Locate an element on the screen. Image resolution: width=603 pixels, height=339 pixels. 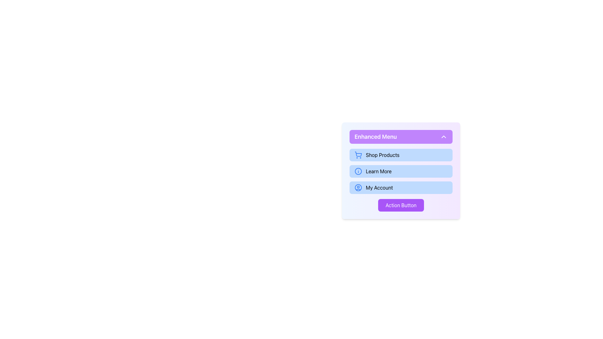
the text label that serves as a header for a section, located at the specified coordinates is located at coordinates (376, 136).